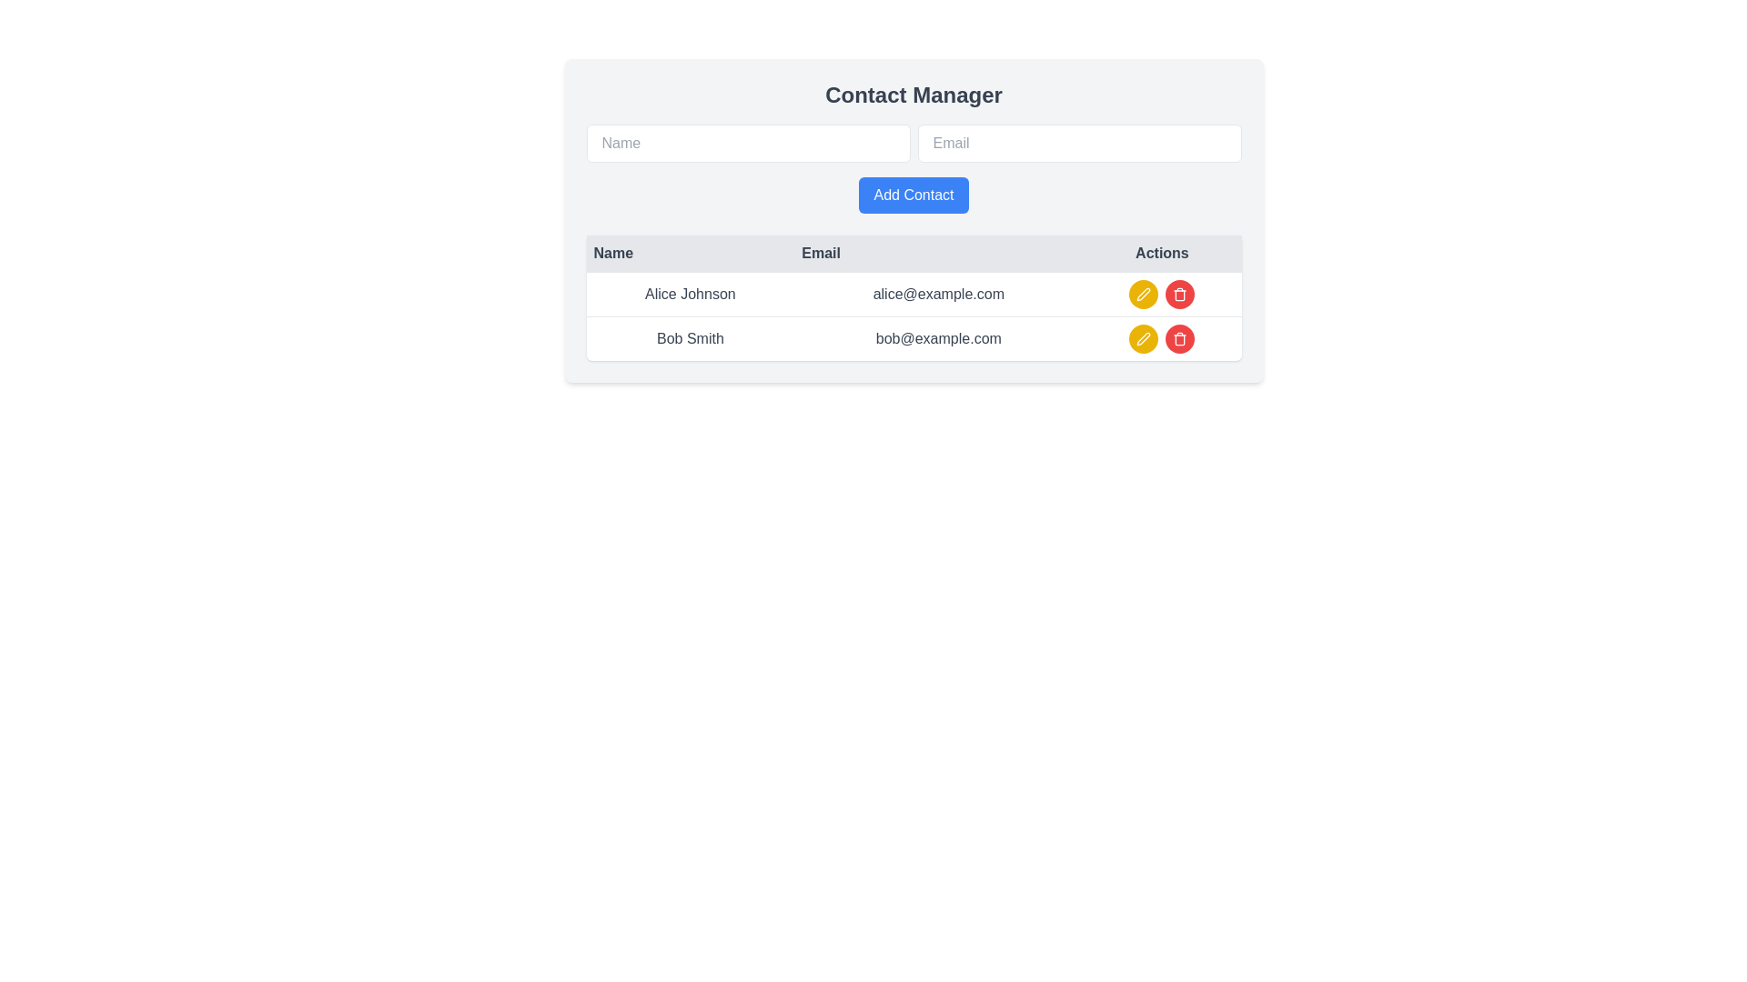 The image size is (1747, 982). What do you see at coordinates (1143, 294) in the screenshot?
I see `the edit icon located in the yellow circular button within the Actions column of the table for the entry corresponding to the email address 'alice@example.com'` at bounding box center [1143, 294].